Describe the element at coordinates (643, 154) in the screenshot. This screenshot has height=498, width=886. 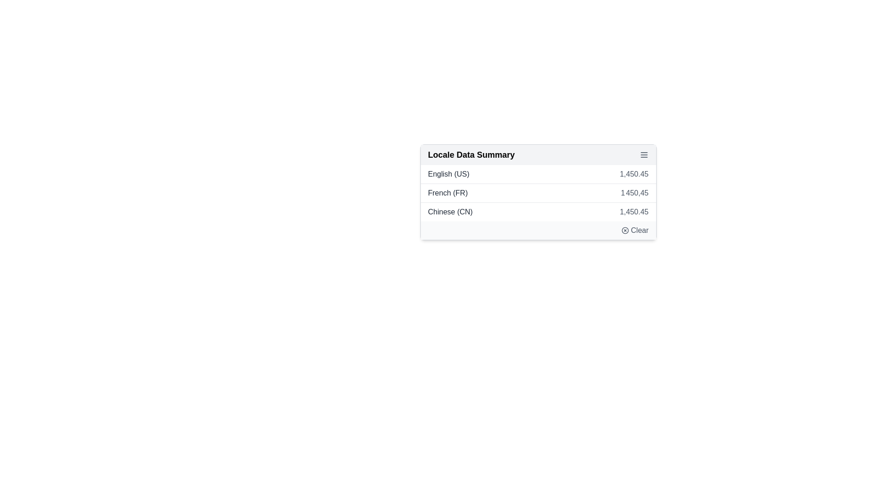
I see `the menu icon button located in the top right corner of the 'Locale Data Summary' header to interact with it` at that location.